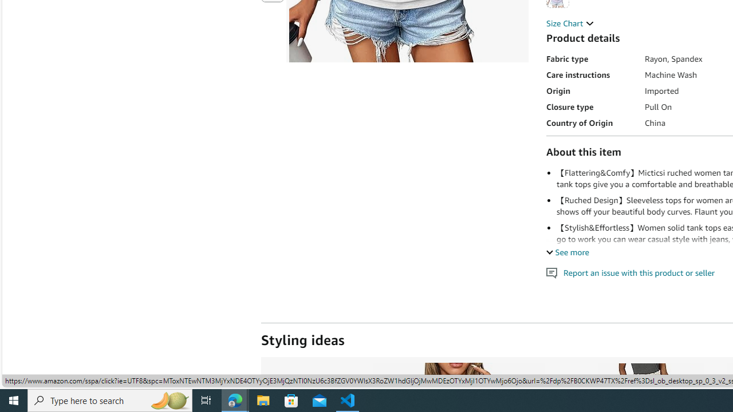 The height and width of the screenshot is (412, 733). What do you see at coordinates (570, 23) in the screenshot?
I see `'Size Chart '` at bounding box center [570, 23].